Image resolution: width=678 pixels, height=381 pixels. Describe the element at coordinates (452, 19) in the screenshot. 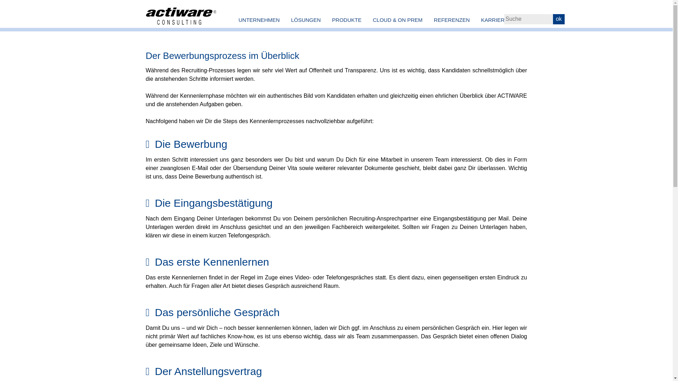

I see `'REFERENZEN'` at that location.